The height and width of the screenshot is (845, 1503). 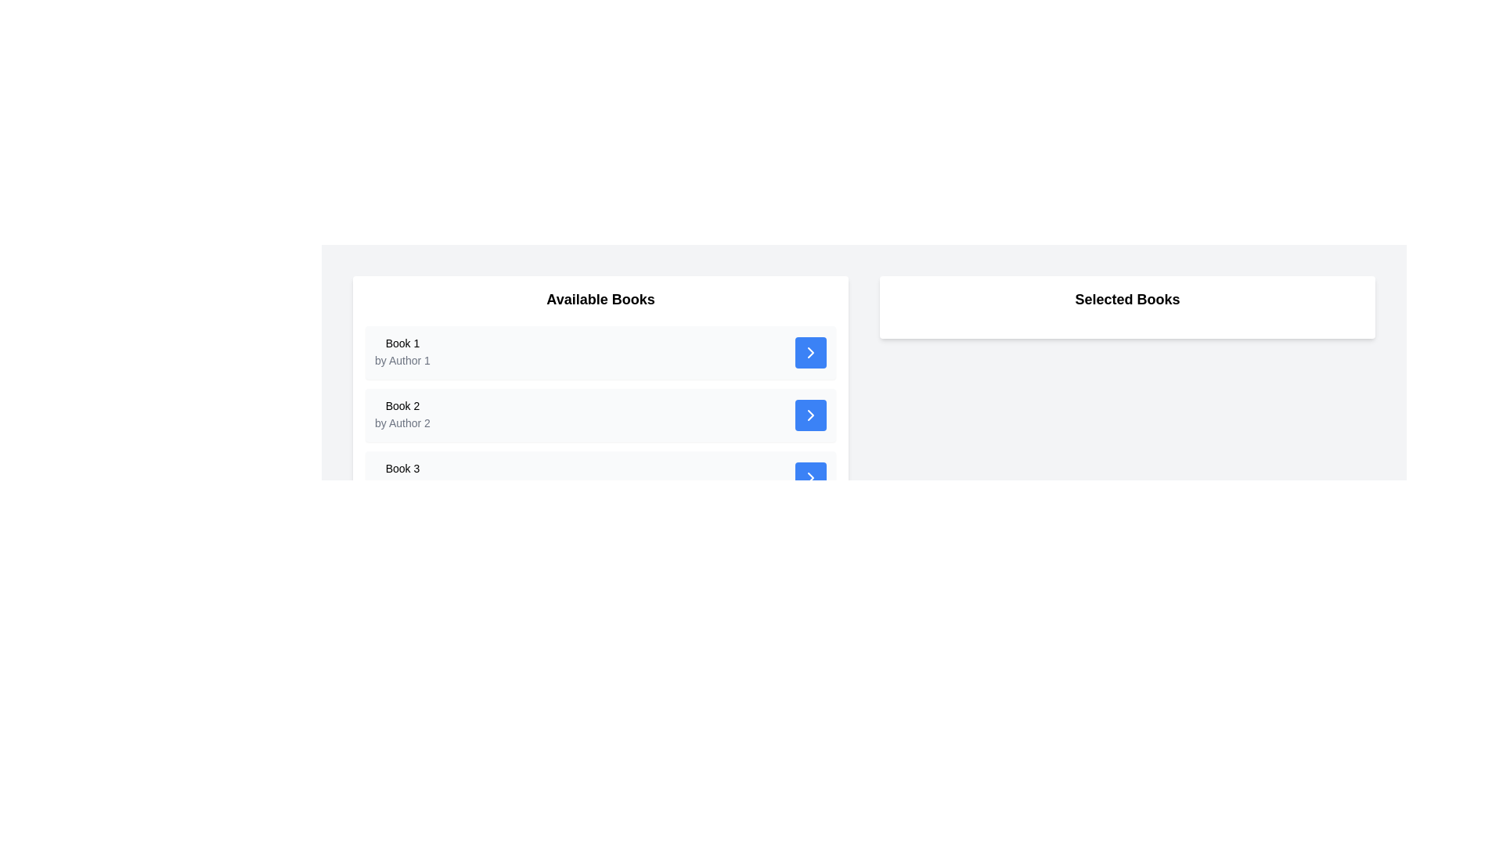 I want to click on the Text label indicating the author of the book located in the 'Available Books' section, positioned below the 'Book 1' title, so click(x=402, y=361).